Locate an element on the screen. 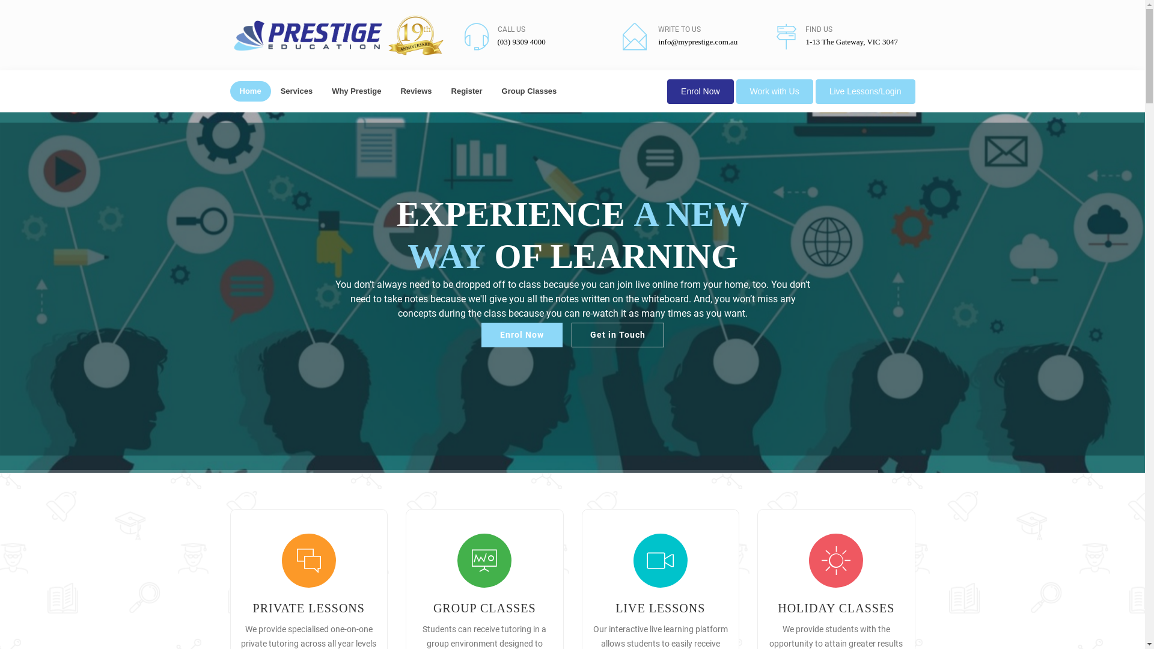 This screenshot has width=1154, height=649. 'Register' is located at coordinates (466, 90).